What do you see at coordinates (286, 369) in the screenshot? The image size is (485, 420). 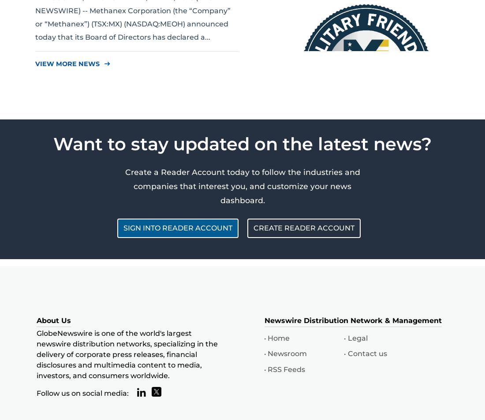 I see `'RSS Feeds'` at bounding box center [286, 369].